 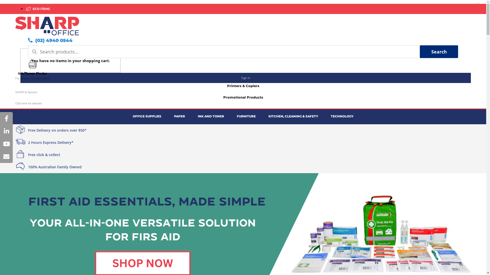 I want to click on 'Ink/Toner Finder, so click(x=32, y=71).